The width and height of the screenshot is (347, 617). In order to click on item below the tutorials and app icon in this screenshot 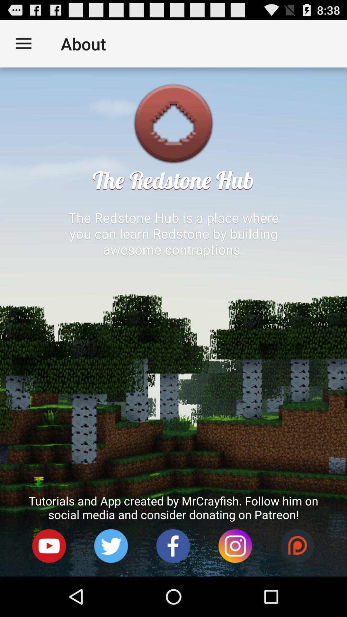, I will do `click(173, 546)`.